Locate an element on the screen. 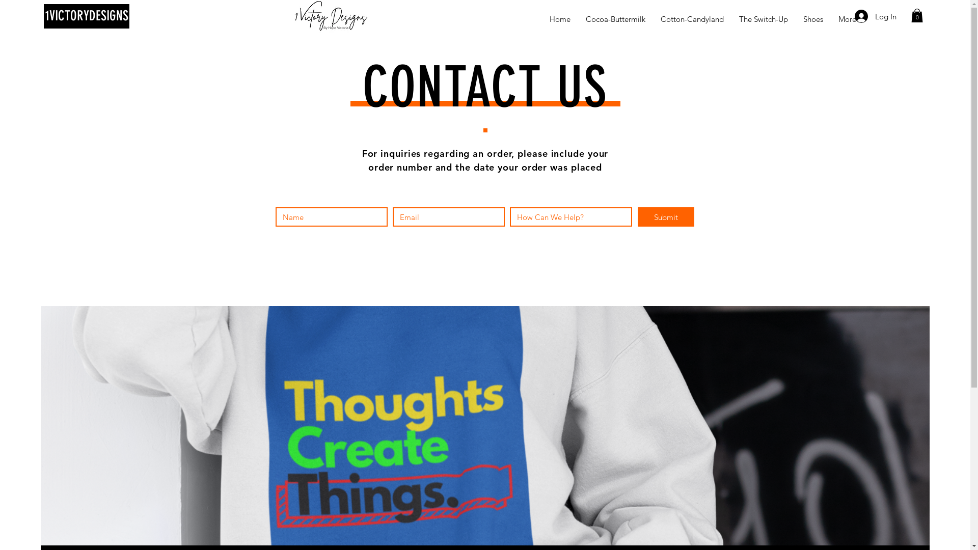 This screenshot has height=550, width=978. 'Cotton-Candyland' is located at coordinates (692, 19).